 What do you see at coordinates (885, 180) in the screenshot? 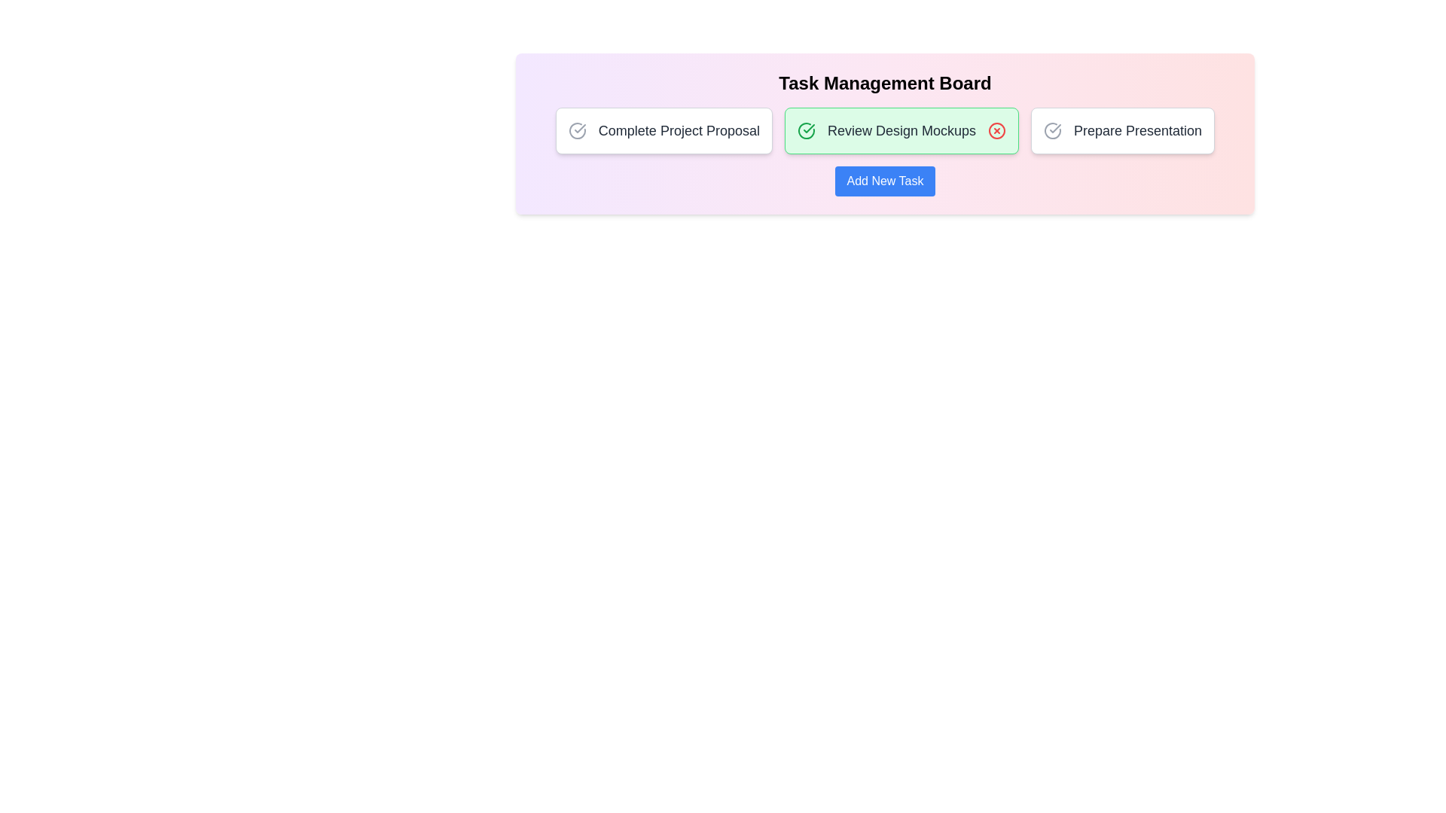
I see `the 'Add New Task' button` at bounding box center [885, 180].